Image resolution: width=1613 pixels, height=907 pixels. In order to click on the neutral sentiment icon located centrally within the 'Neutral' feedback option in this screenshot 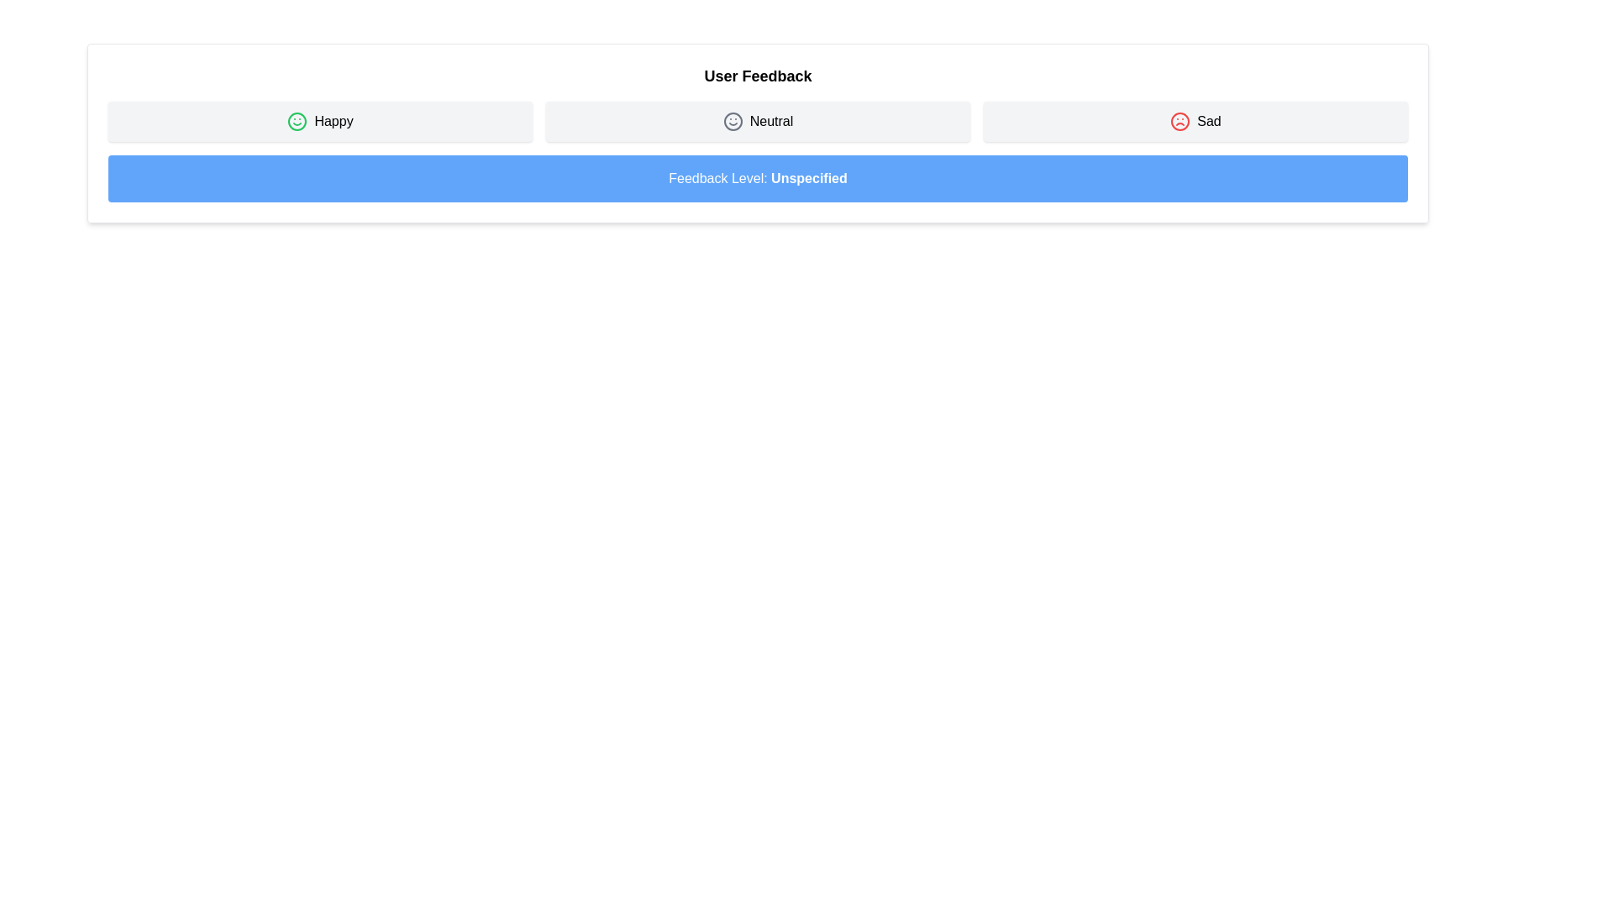, I will do `click(733, 121)`.